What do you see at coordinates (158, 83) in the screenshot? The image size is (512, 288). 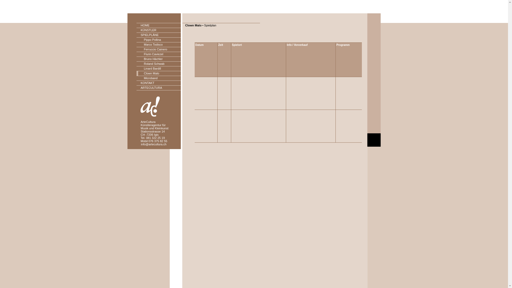 I see `'KONTAKT'` at bounding box center [158, 83].